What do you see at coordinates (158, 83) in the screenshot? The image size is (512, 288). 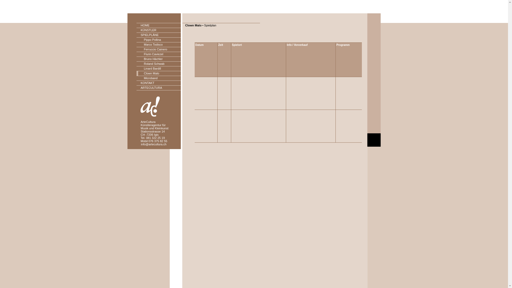 I see `'KONTAKT'` at bounding box center [158, 83].